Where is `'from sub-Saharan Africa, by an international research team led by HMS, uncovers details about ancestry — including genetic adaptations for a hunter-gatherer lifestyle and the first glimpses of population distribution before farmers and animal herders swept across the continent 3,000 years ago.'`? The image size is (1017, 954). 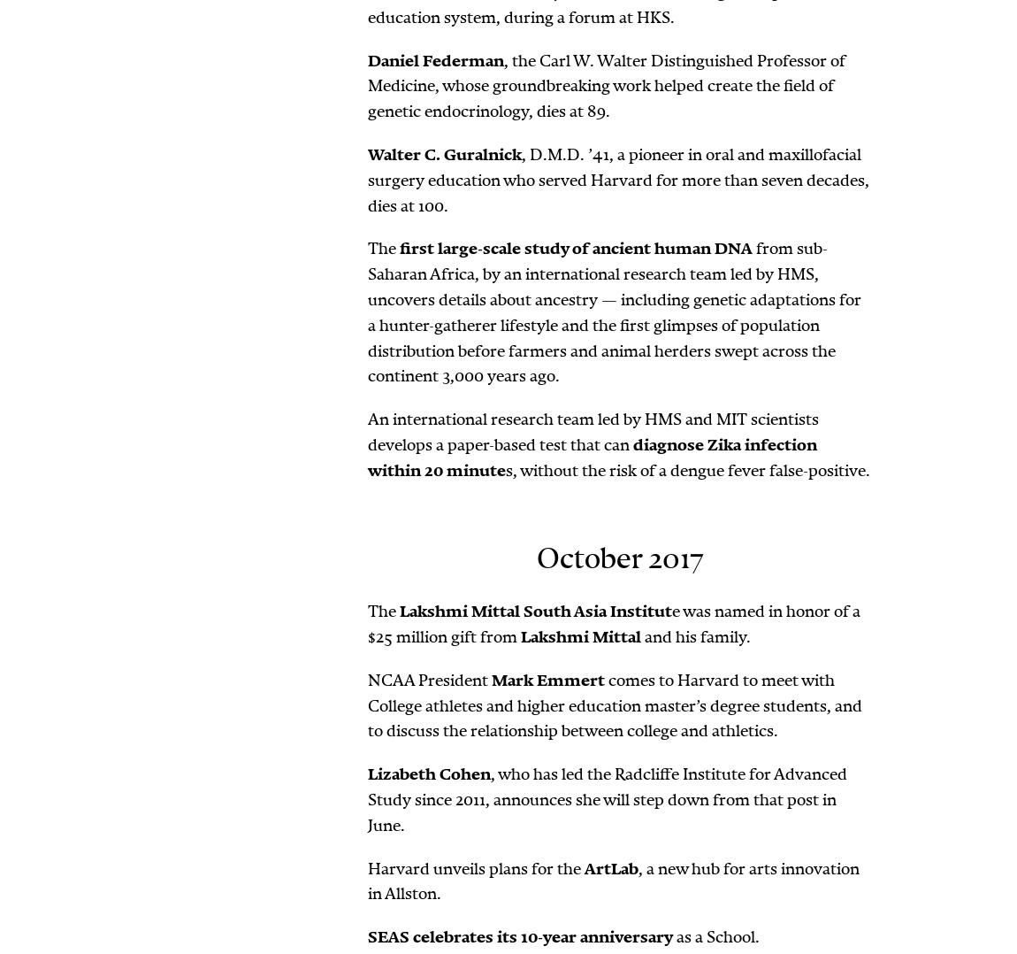
'from sub-Saharan Africa, by an international research team led by HMS, uncovers details about ancestry — including genetic adaptations for a hunter-gatherer lifestyle and the first glimpses of population distribution before farmers and animal herders swept across the continent 3,000 years ago.' is located at coordinates (613, 312).